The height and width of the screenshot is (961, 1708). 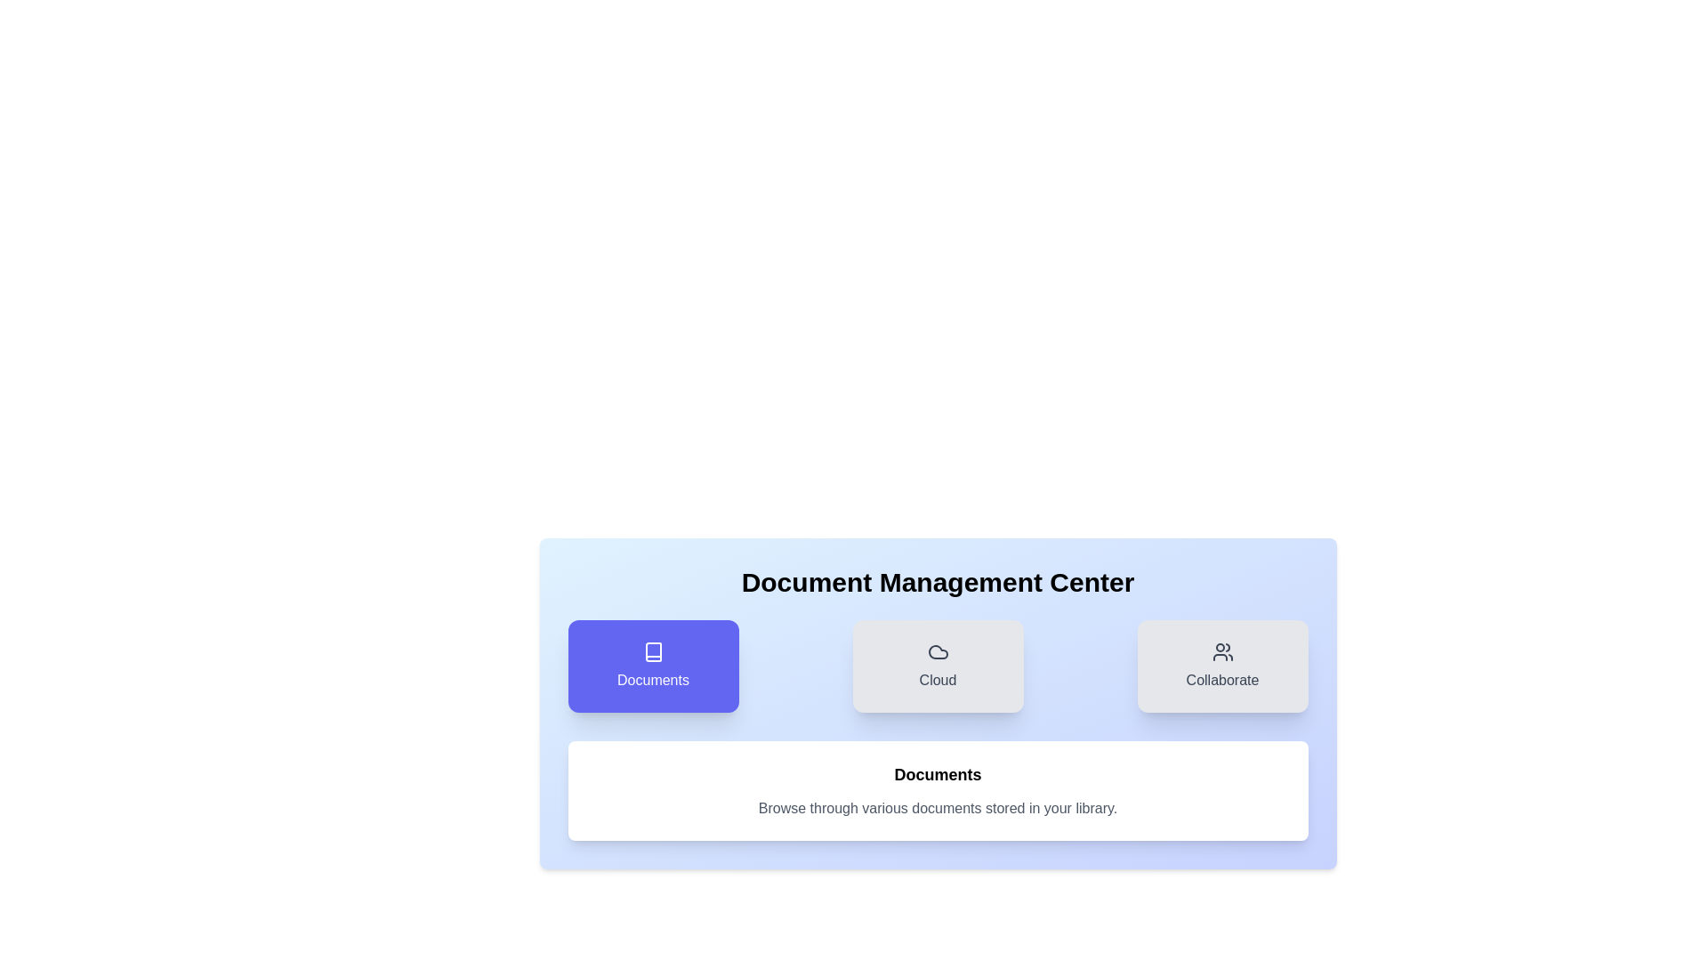 What do you see at coordinates (1221, 666) in the screenshot?
I see `the Collaborate tab to navigate to its section` at bounding box center [1221, 666].